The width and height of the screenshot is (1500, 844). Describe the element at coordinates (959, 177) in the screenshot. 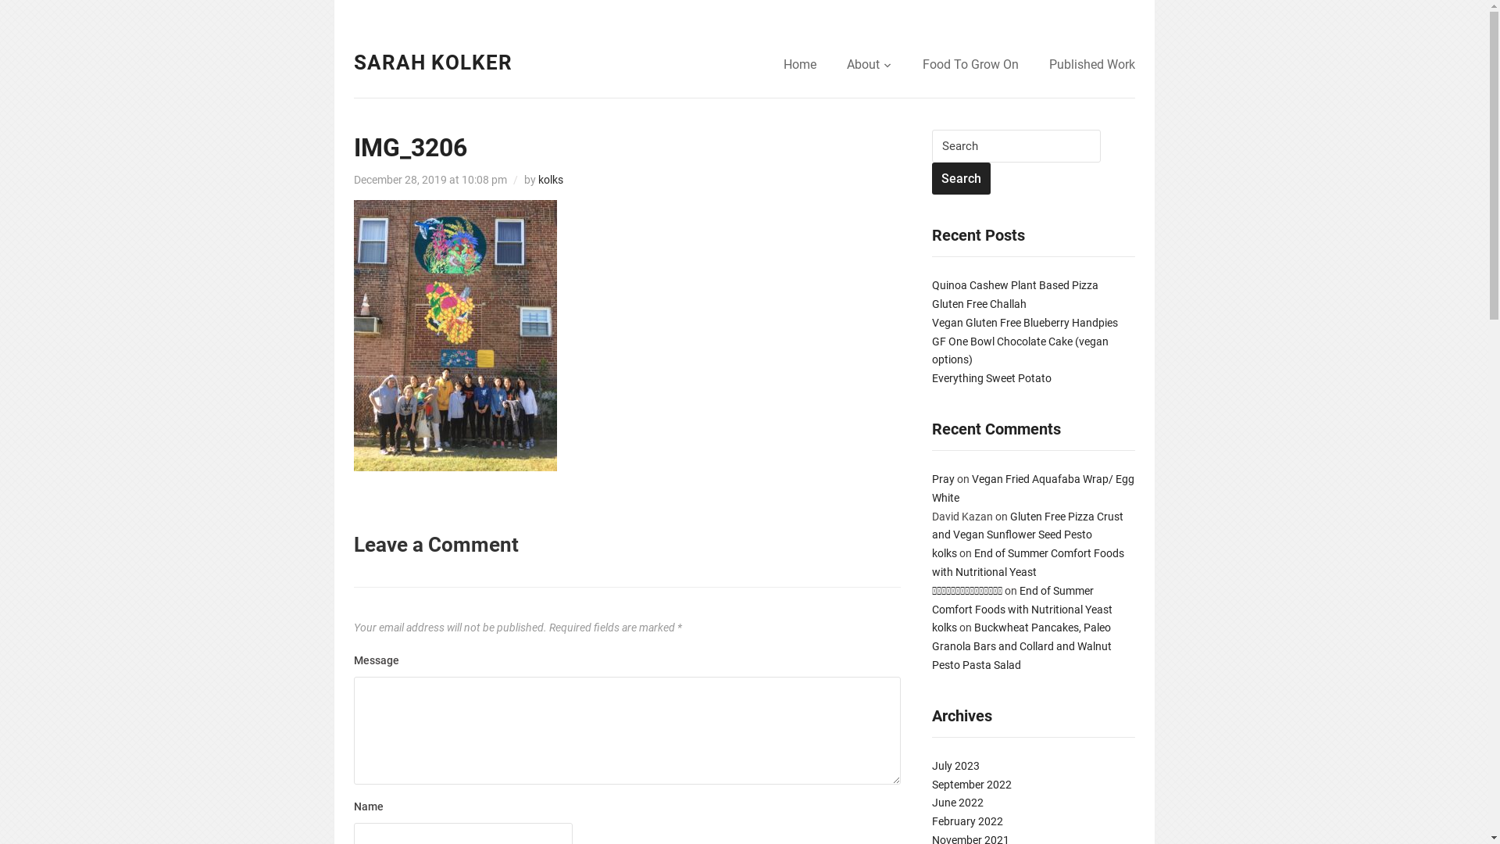

I see `'Search'` at that location.